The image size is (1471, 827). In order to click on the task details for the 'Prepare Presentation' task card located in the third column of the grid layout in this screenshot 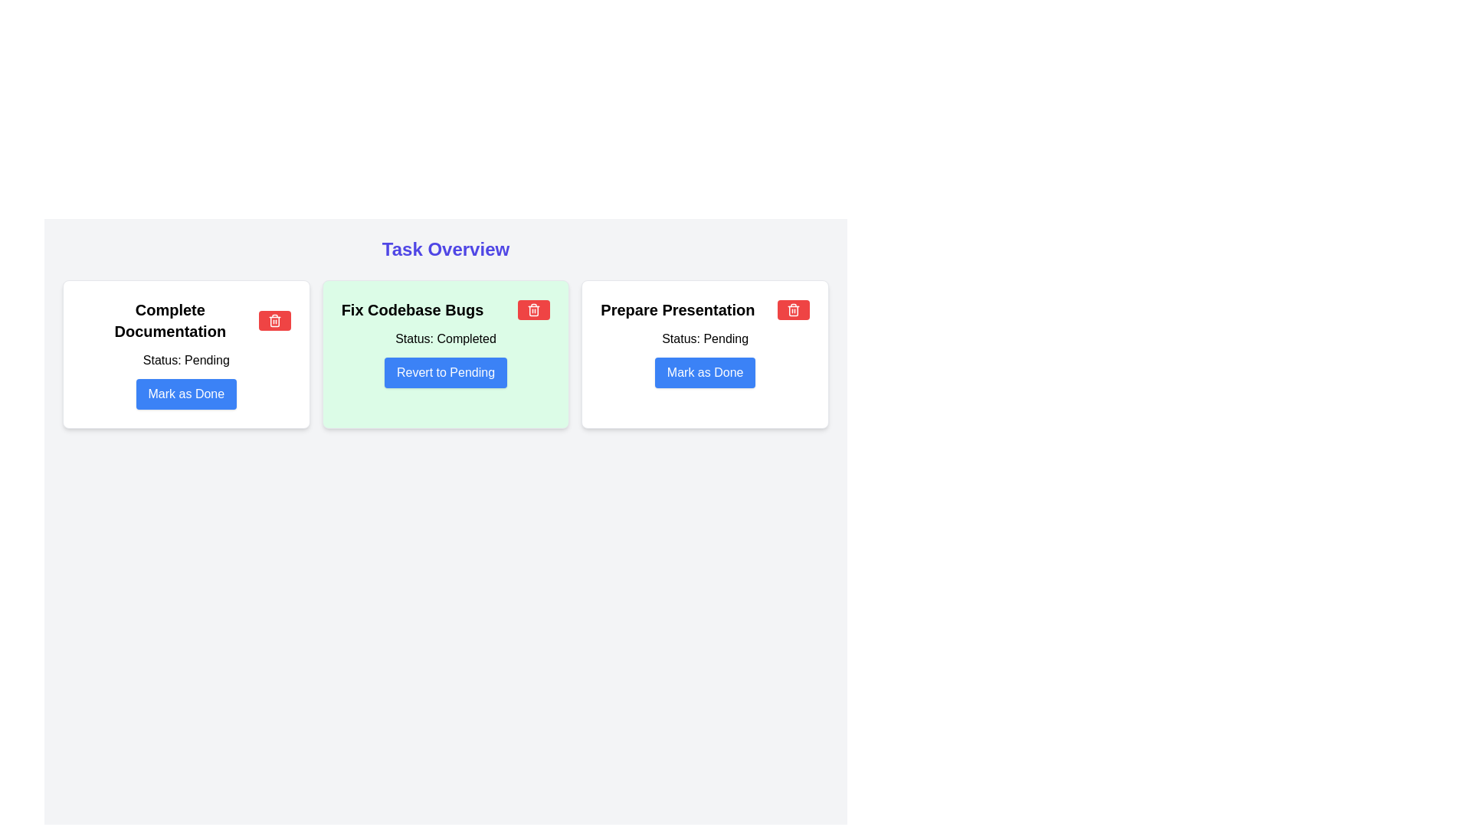, I will do `click(704, 354)`.